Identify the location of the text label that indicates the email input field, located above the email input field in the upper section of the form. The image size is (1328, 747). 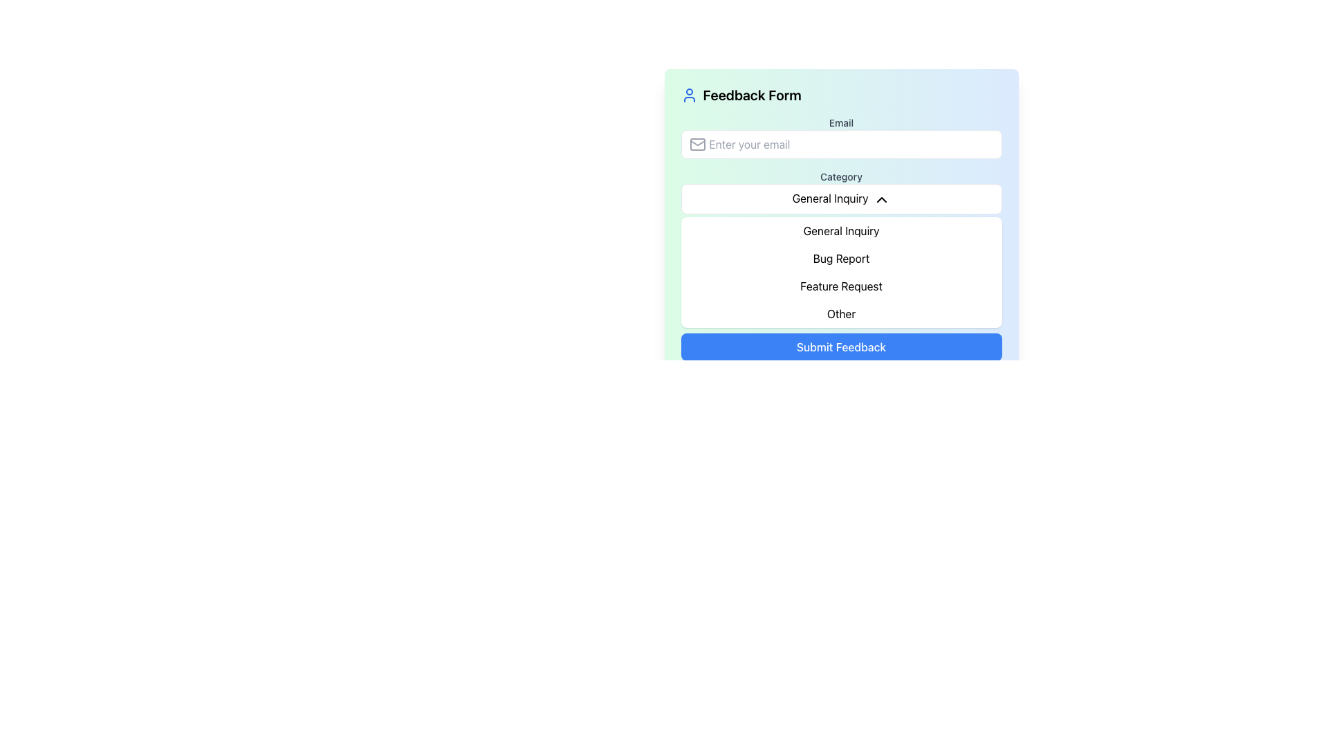
(840, 122).